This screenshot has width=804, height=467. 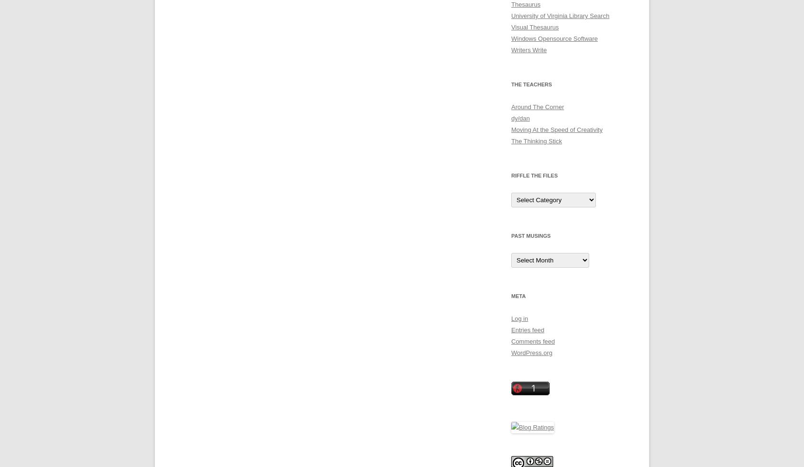 I want to click on 'Meta', so click(x=518, y=296).